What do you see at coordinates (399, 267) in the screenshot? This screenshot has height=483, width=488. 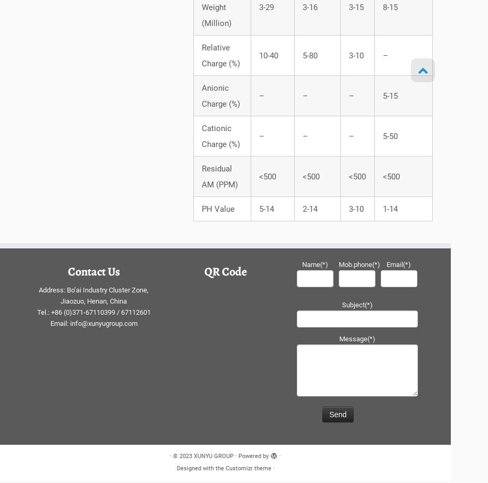 I see `'Email(*)'` at bounding box center [399, 267].